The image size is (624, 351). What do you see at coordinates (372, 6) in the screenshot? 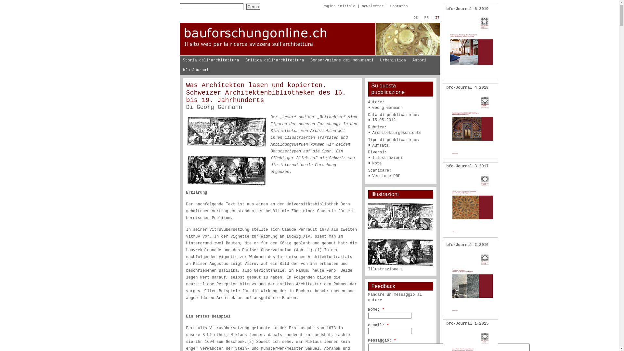
I see `'Newsletter'` at bounding box center [372, 6].